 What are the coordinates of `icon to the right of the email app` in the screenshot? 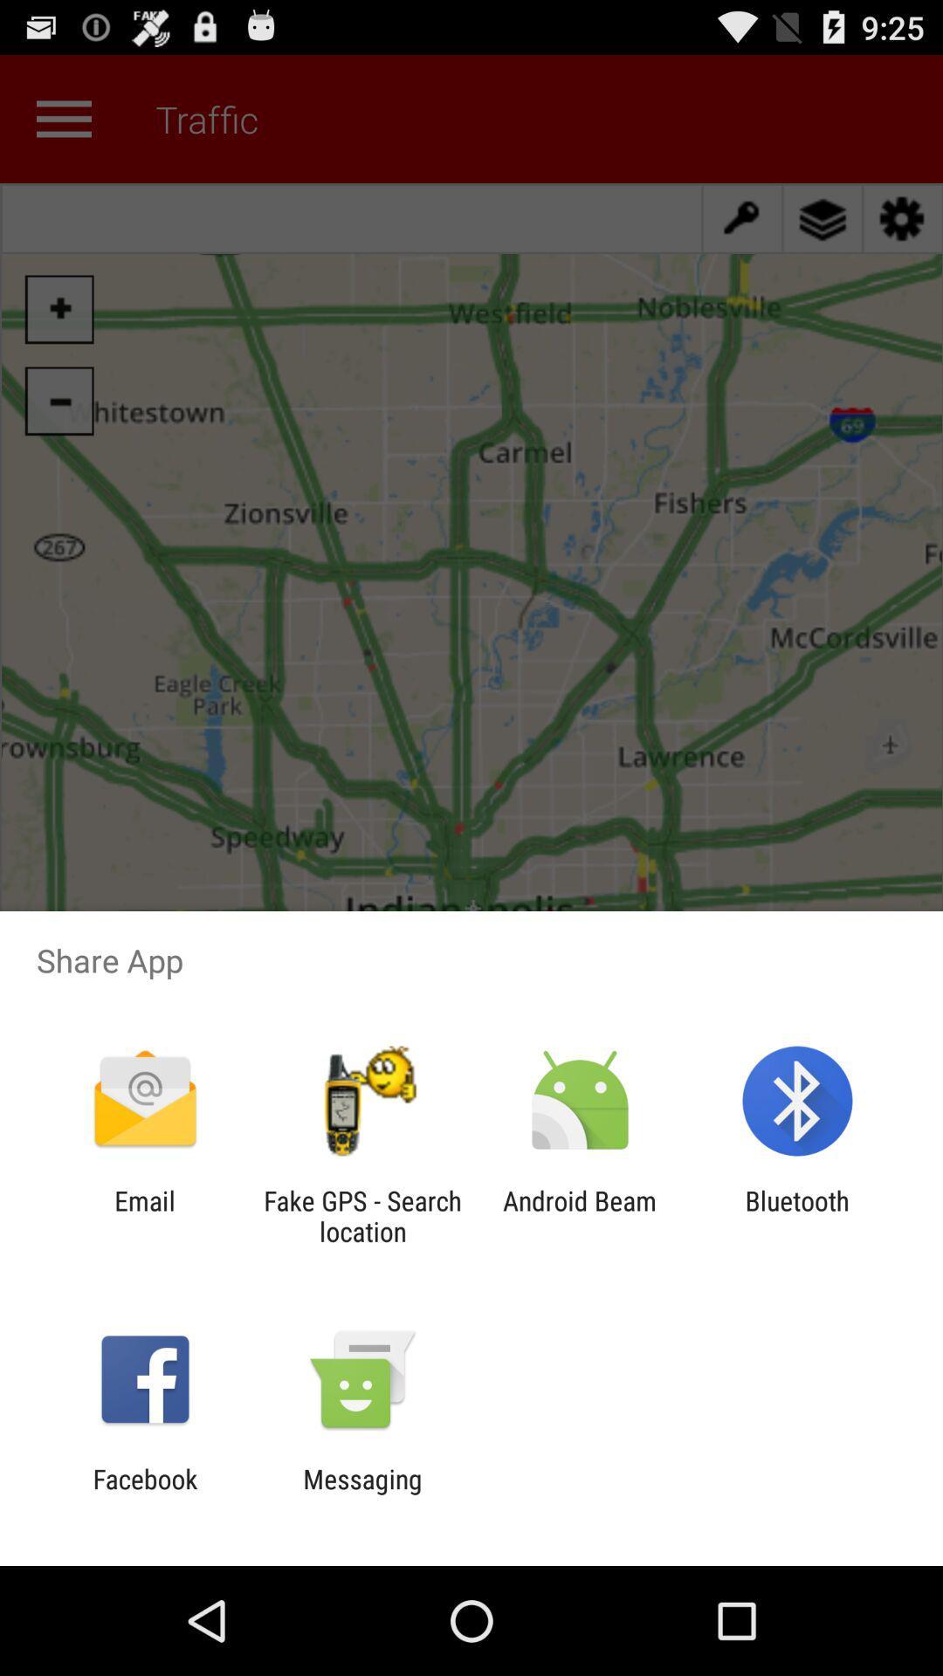 It's located at (361, 1215).